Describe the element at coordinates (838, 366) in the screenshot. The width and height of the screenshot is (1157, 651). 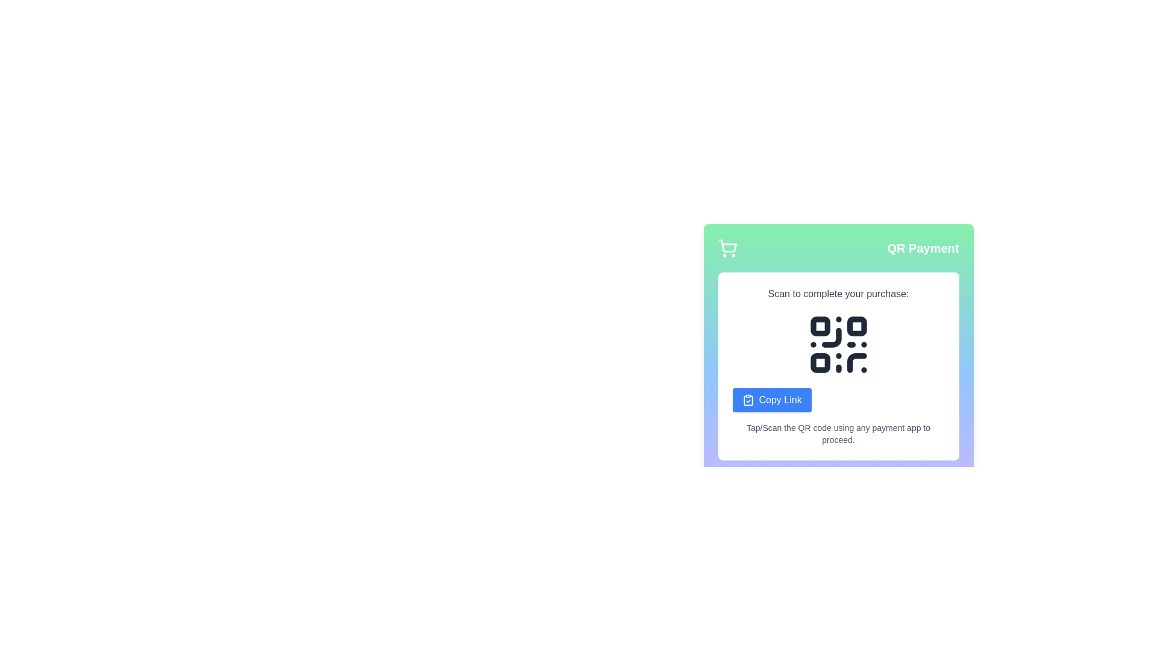
I see `the QR code in the Information and interaction panel, which is located centrally below the title 'QR Payment'` at that location.